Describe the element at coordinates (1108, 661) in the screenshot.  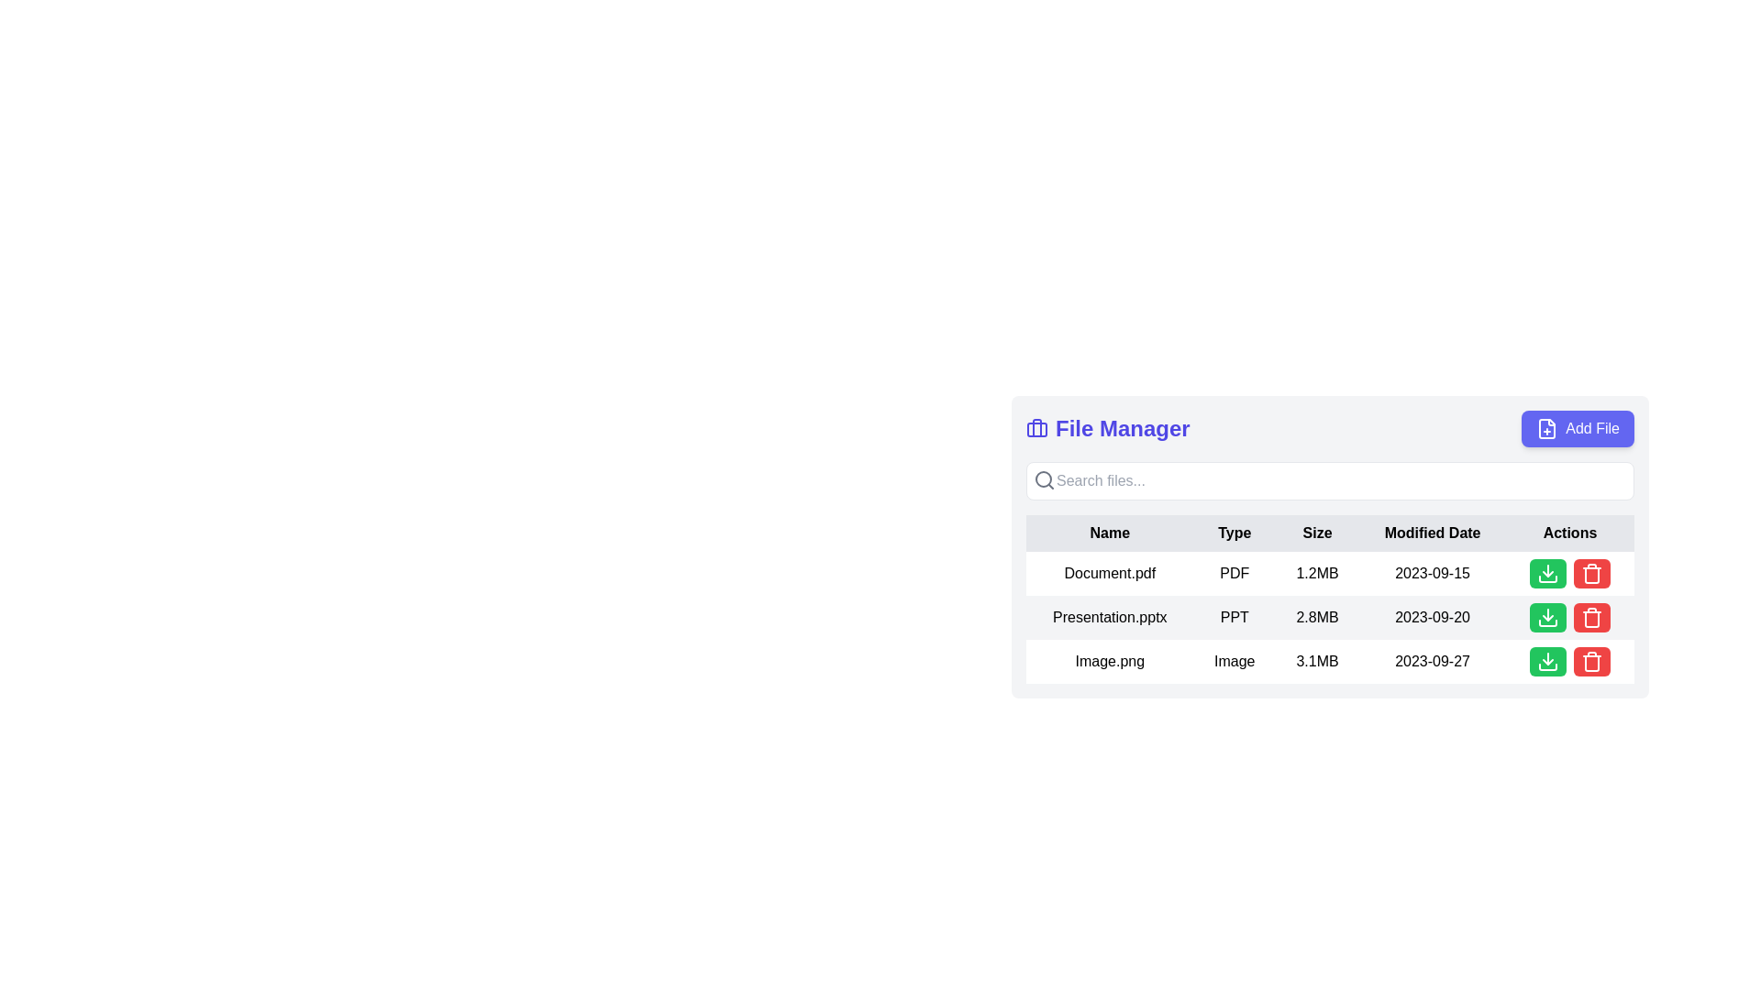
I see `the name label for the file entry` at that location.